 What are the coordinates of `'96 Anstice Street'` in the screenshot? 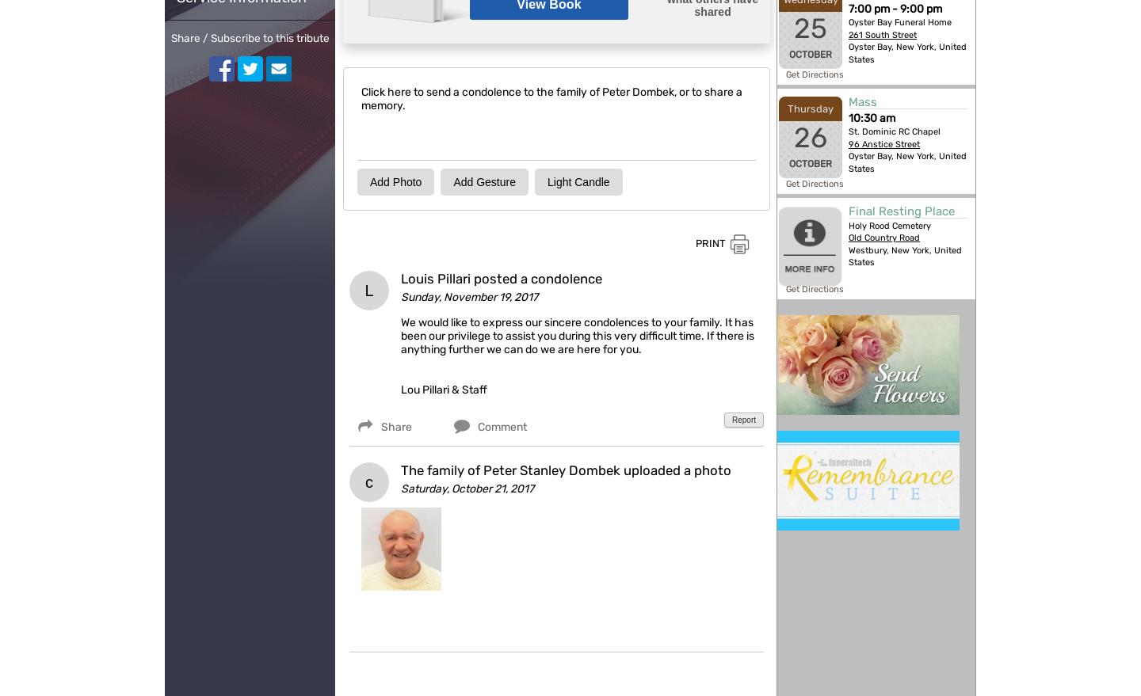 It's located at (883, 143).